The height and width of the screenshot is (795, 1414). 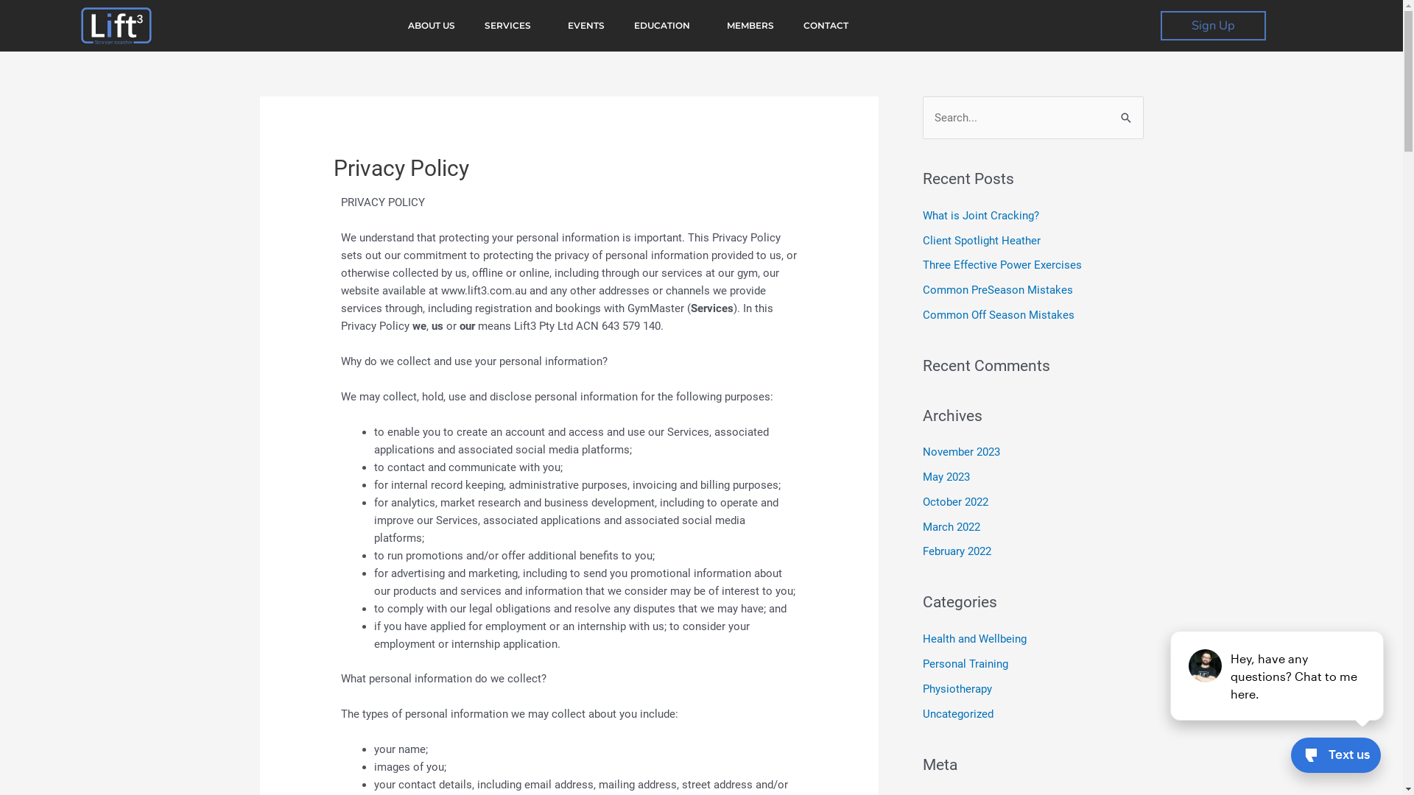 What do you see at coordinates (511, 25) in the screenshot?
I see `'SERVICES'` at bounding box center [511, 25].